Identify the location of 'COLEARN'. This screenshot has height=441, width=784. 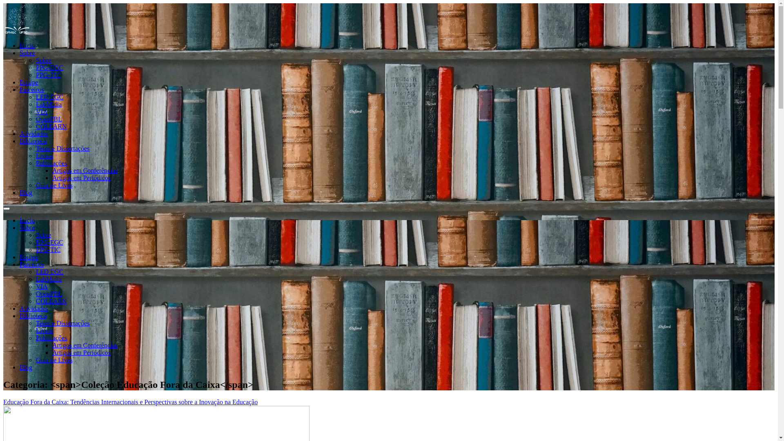
(51, 126).